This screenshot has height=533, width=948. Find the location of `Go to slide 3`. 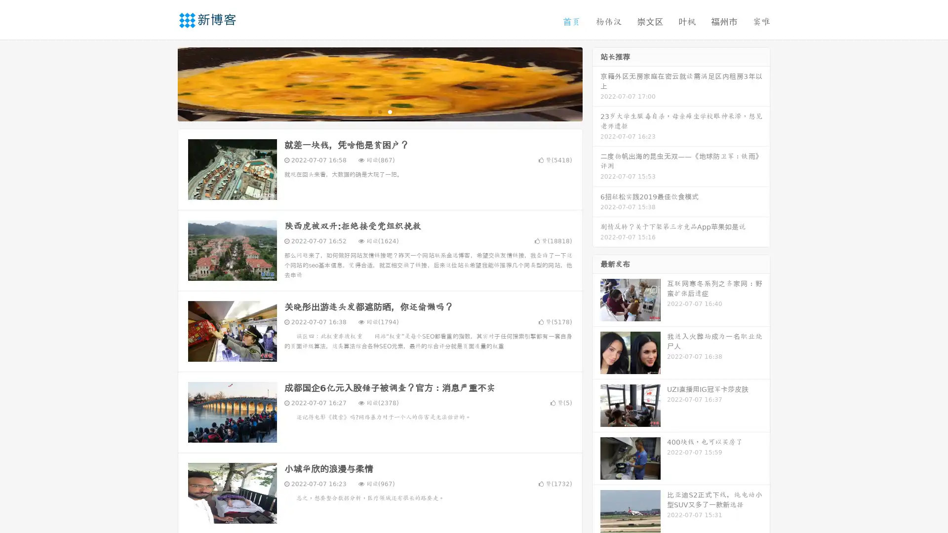

Go to slide 3 is located at coordinates (390, 111).